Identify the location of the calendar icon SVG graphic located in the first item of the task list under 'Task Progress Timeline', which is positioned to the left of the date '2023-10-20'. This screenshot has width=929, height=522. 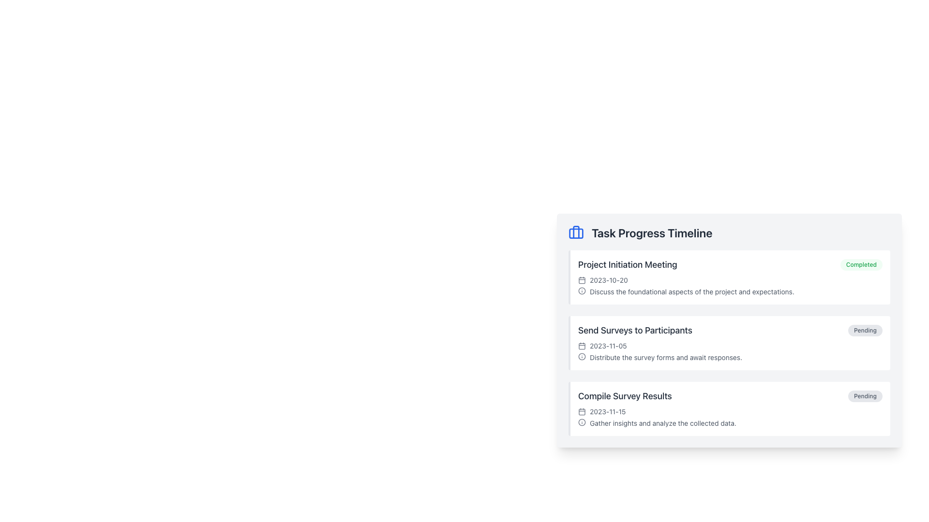
(582, 280).